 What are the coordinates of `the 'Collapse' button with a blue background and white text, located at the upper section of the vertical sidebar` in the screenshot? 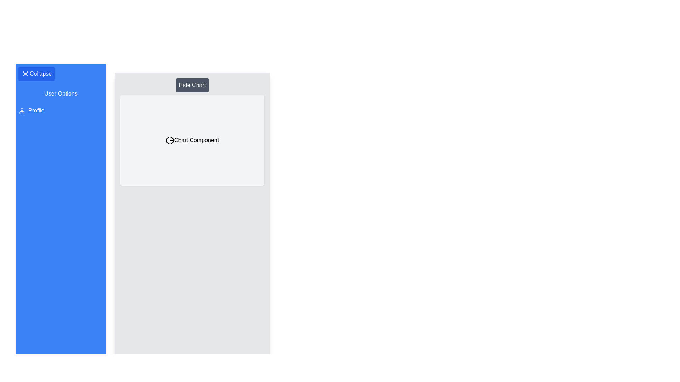 It's located at (36, 74).